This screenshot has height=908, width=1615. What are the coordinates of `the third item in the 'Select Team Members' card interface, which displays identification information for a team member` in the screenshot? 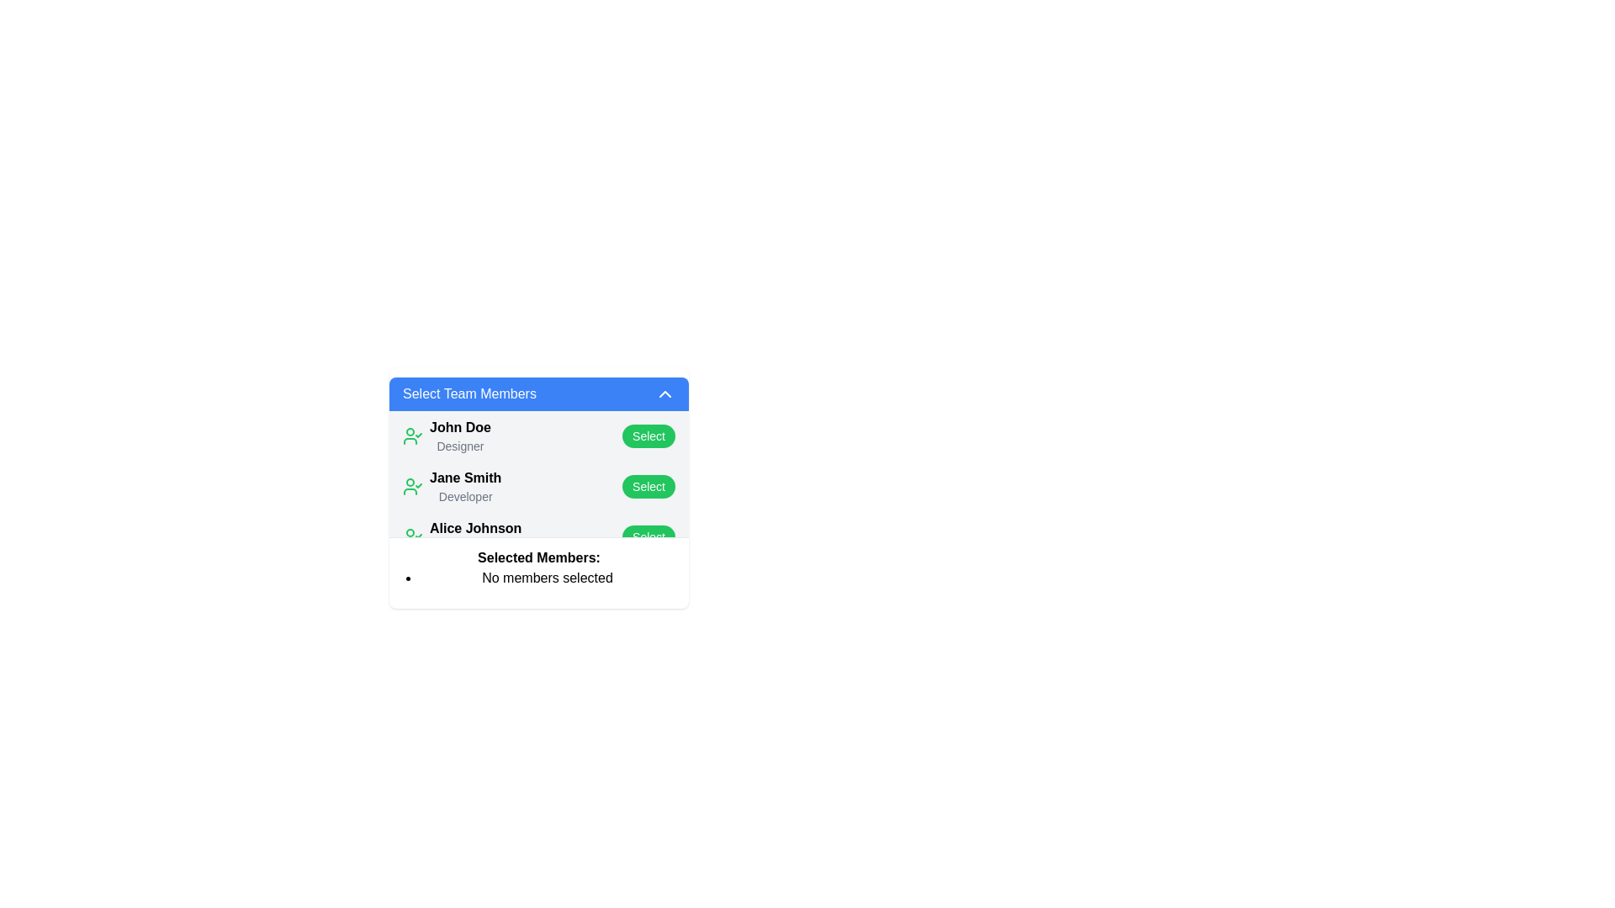 It's located at (474, 537).